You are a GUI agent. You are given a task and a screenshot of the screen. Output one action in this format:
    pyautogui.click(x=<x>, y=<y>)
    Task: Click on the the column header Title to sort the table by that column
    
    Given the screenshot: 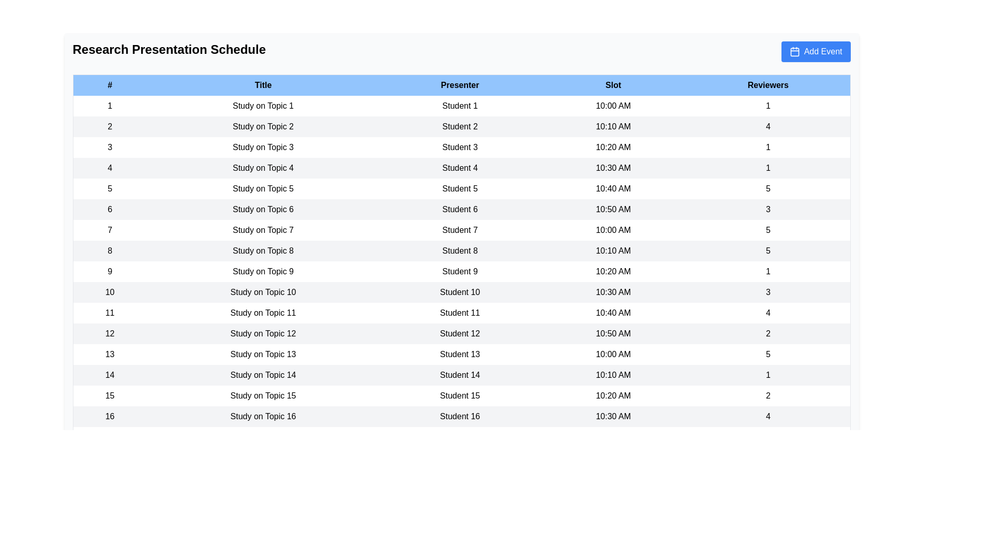 What is the action you would take?
    pyautogui.click(x=263, y=84)
    